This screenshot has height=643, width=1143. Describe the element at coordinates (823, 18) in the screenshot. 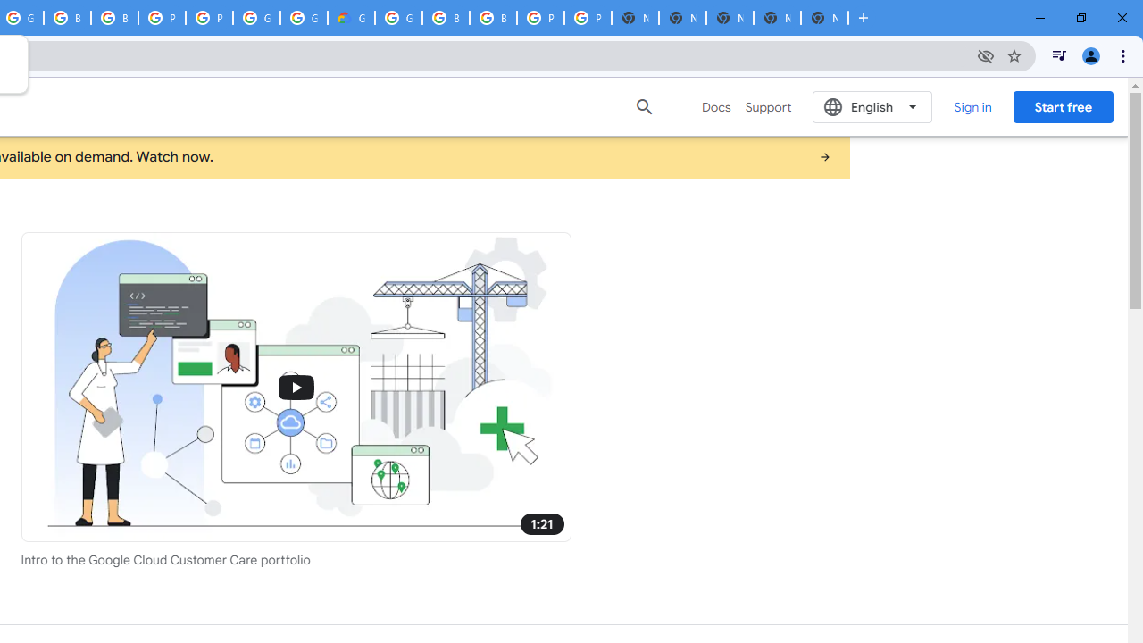

I see `'New Tab'` at that location.